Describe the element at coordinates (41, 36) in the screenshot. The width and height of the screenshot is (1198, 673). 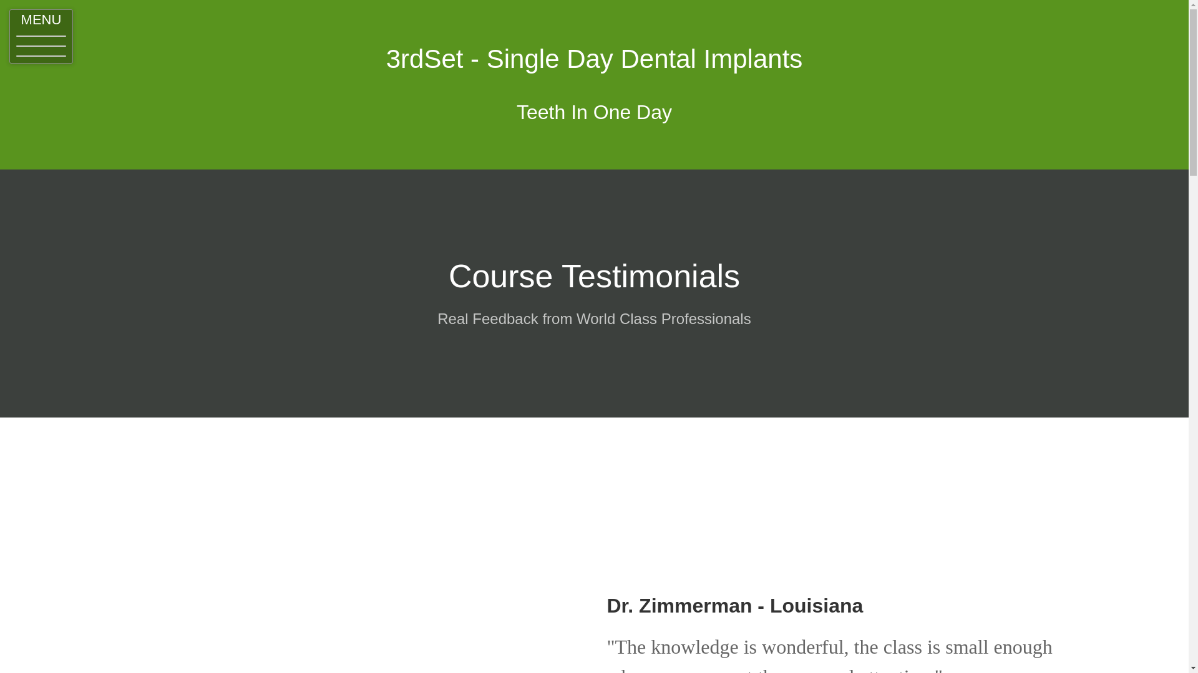
I see `'Menu` at that location.